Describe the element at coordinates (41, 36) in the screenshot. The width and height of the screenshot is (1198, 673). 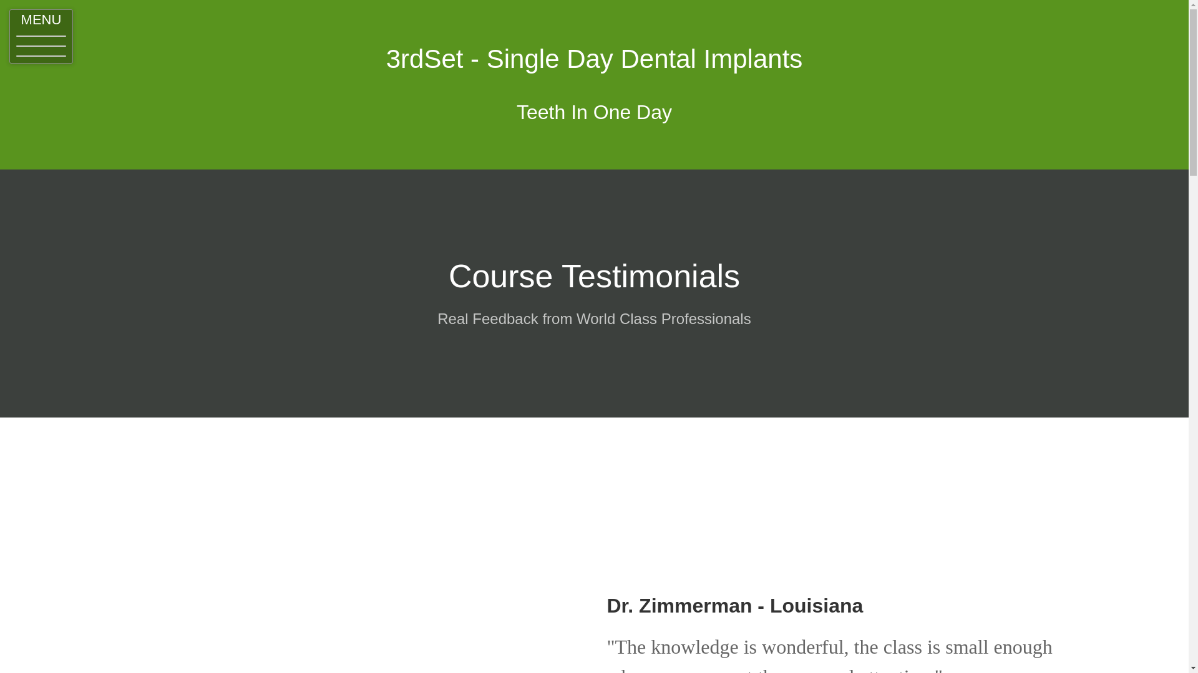
I see `'Menu` at that location.